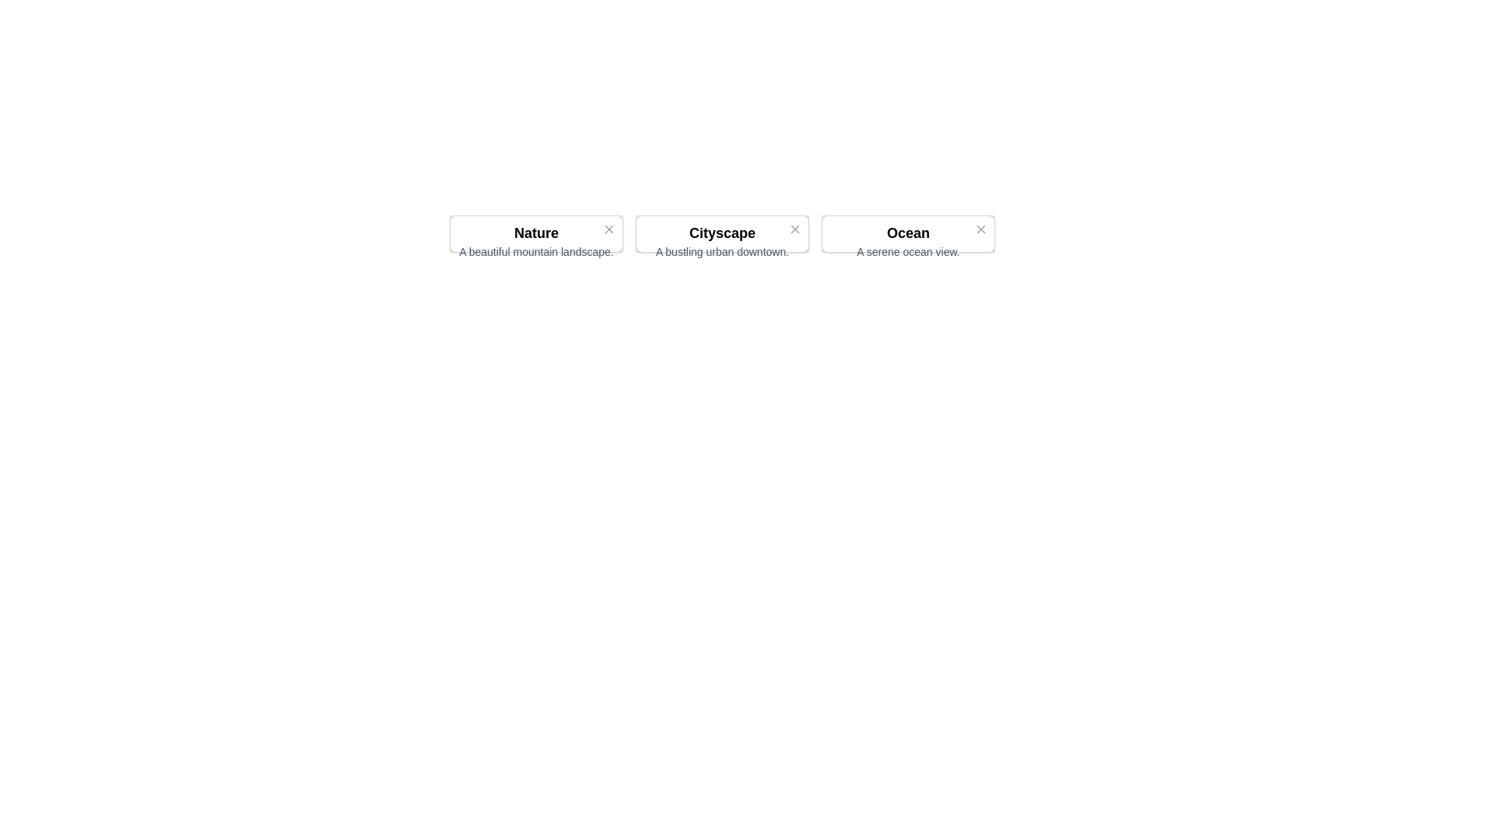 This screenshot has width=1494, height=840. What do you see at coordinates (721, 233) in the screenshot?
I see `the informational block titled 'Cityscape' that contains the description 'A bustling urban downtown.'` at bounding box center [721, 233].